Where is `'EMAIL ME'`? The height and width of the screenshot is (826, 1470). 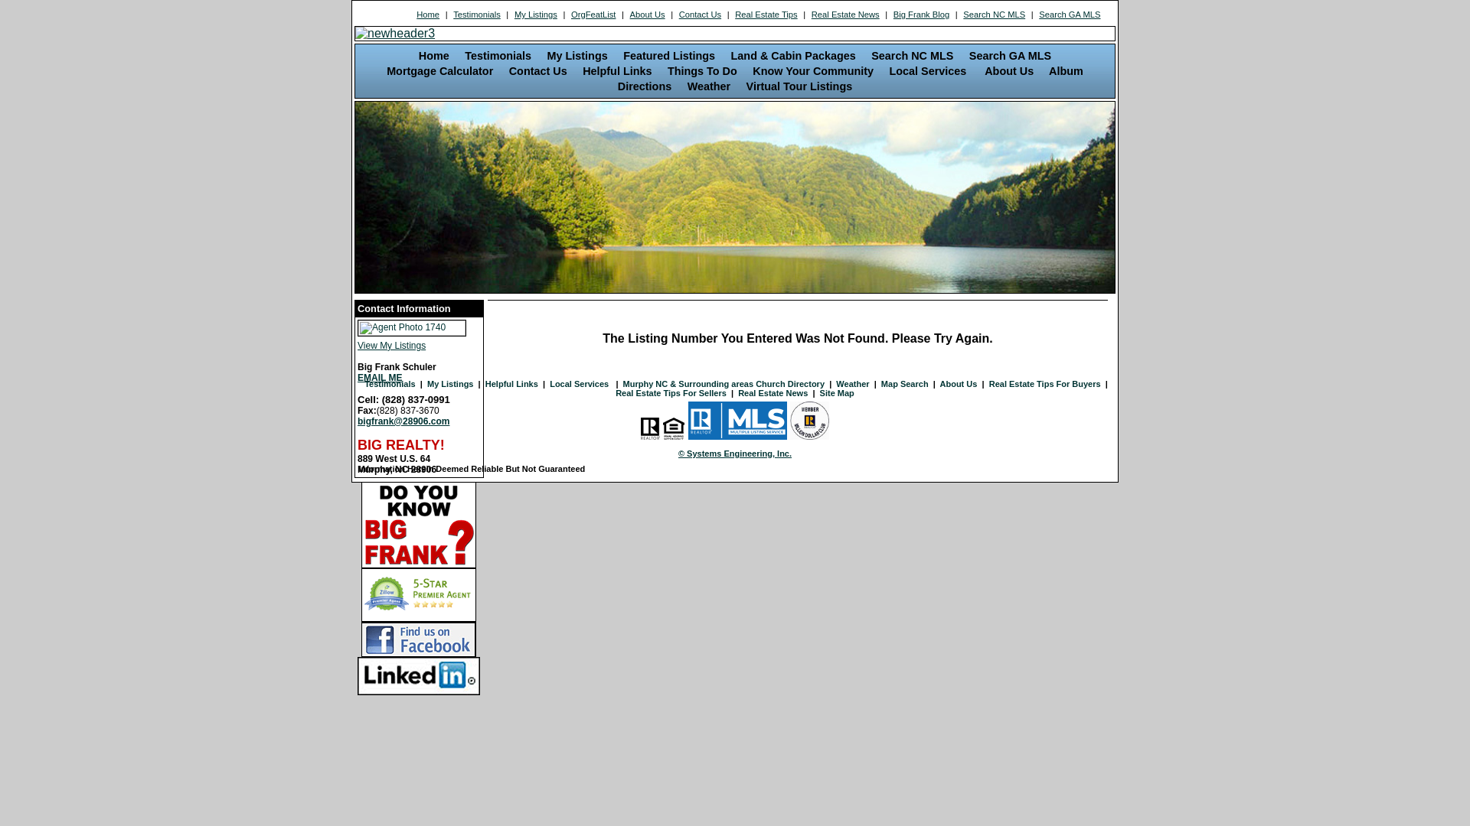 'EMAIL ME' is located at coordinates (379, 377).